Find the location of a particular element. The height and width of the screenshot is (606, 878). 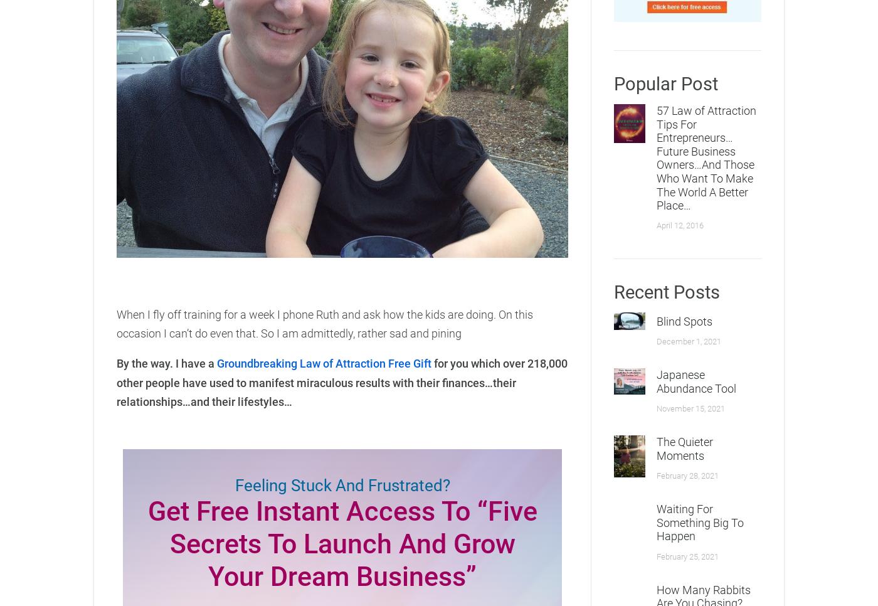

'Waiting For Something Big To Happen' is located at coordinates (700, 521).